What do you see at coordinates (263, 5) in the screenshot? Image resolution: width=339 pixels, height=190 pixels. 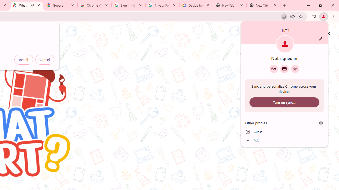 I see `'New Tab'` at bounding box center [263, 5].